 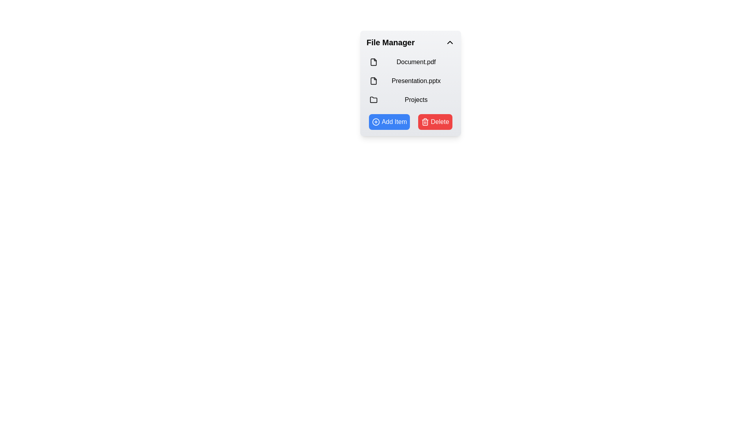 I want to click on the red 'Delete' button with white text and trash bin icon located on the right side of the button group in the 'File Manager' box to observe hover effects, so click(x=435, y=122).